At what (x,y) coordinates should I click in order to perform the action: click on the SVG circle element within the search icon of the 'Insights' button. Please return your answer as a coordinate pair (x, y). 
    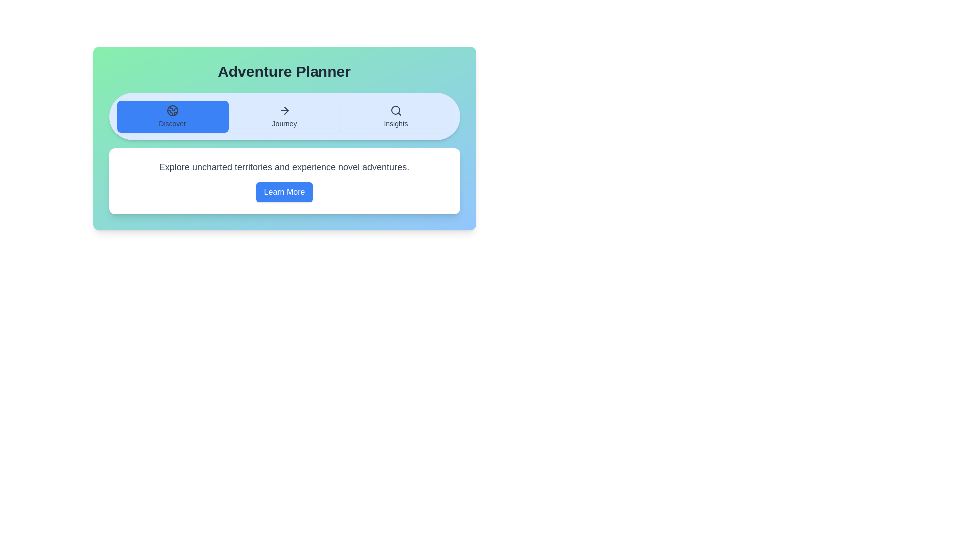
    Looking at the image, I should click on (395, 110).